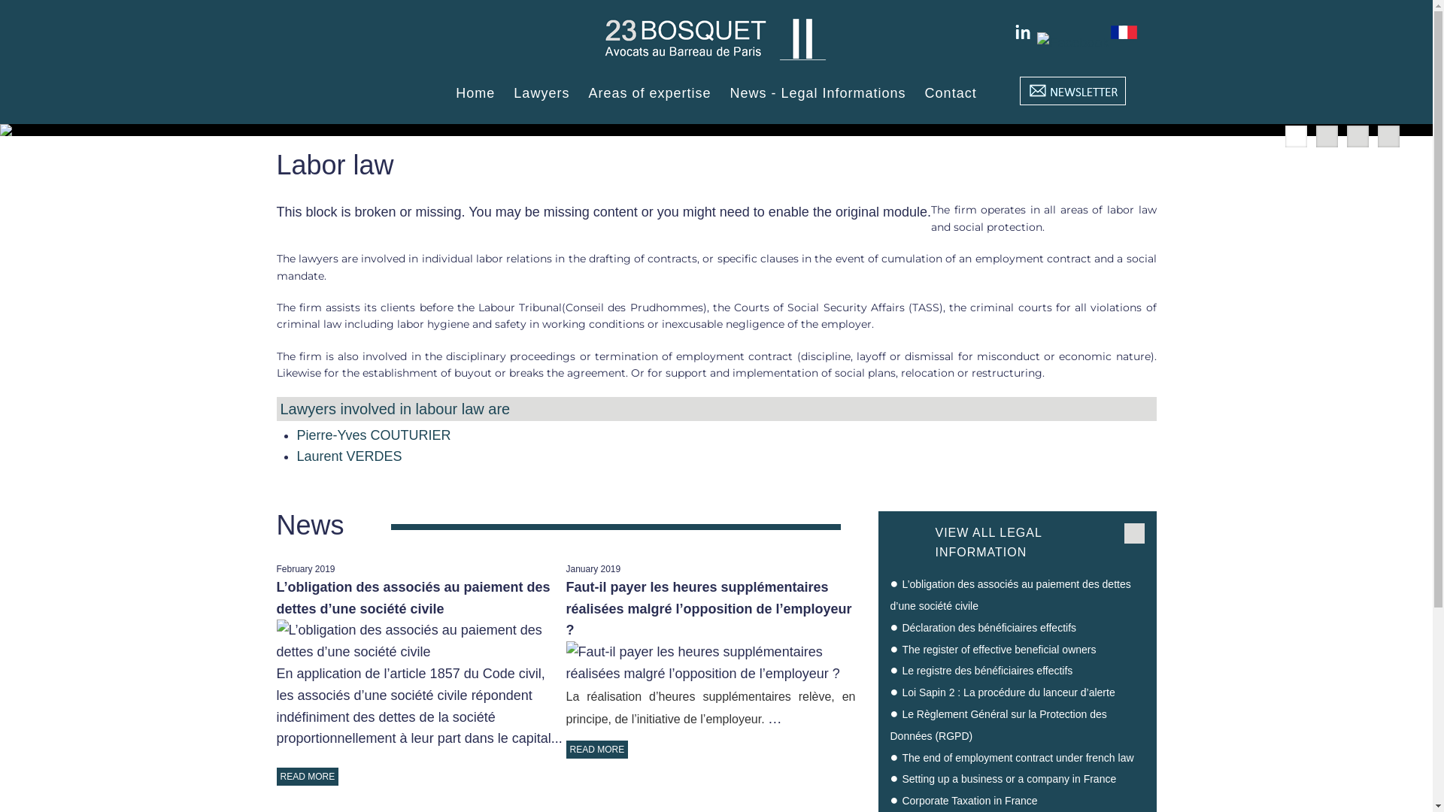 The height and width of the screenshot is (812, 1444). What do you see at coordinates (902, 649) in the screenshot?
I see `'The register of effective beneficial owners'` at bounding box center [902, 649].